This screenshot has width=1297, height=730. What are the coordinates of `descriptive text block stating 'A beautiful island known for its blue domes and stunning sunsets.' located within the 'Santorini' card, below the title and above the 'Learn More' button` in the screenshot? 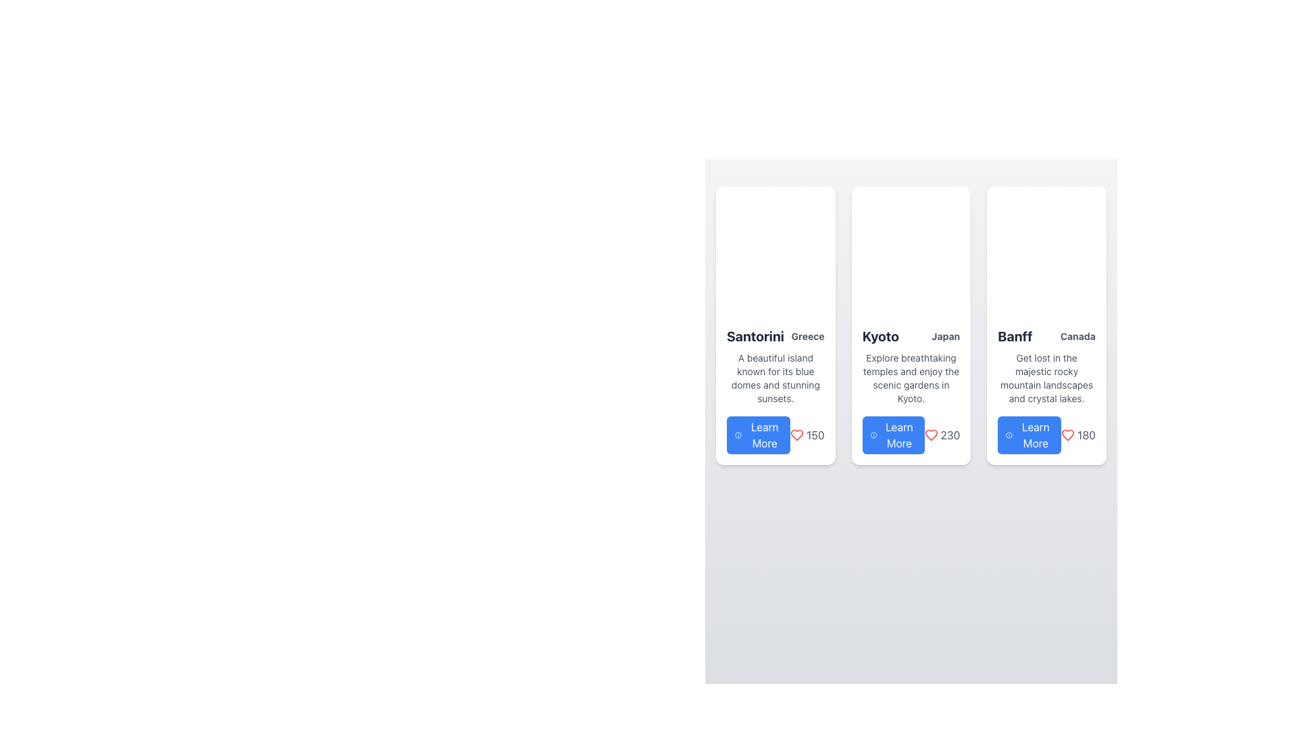 It's located at (775, 378).